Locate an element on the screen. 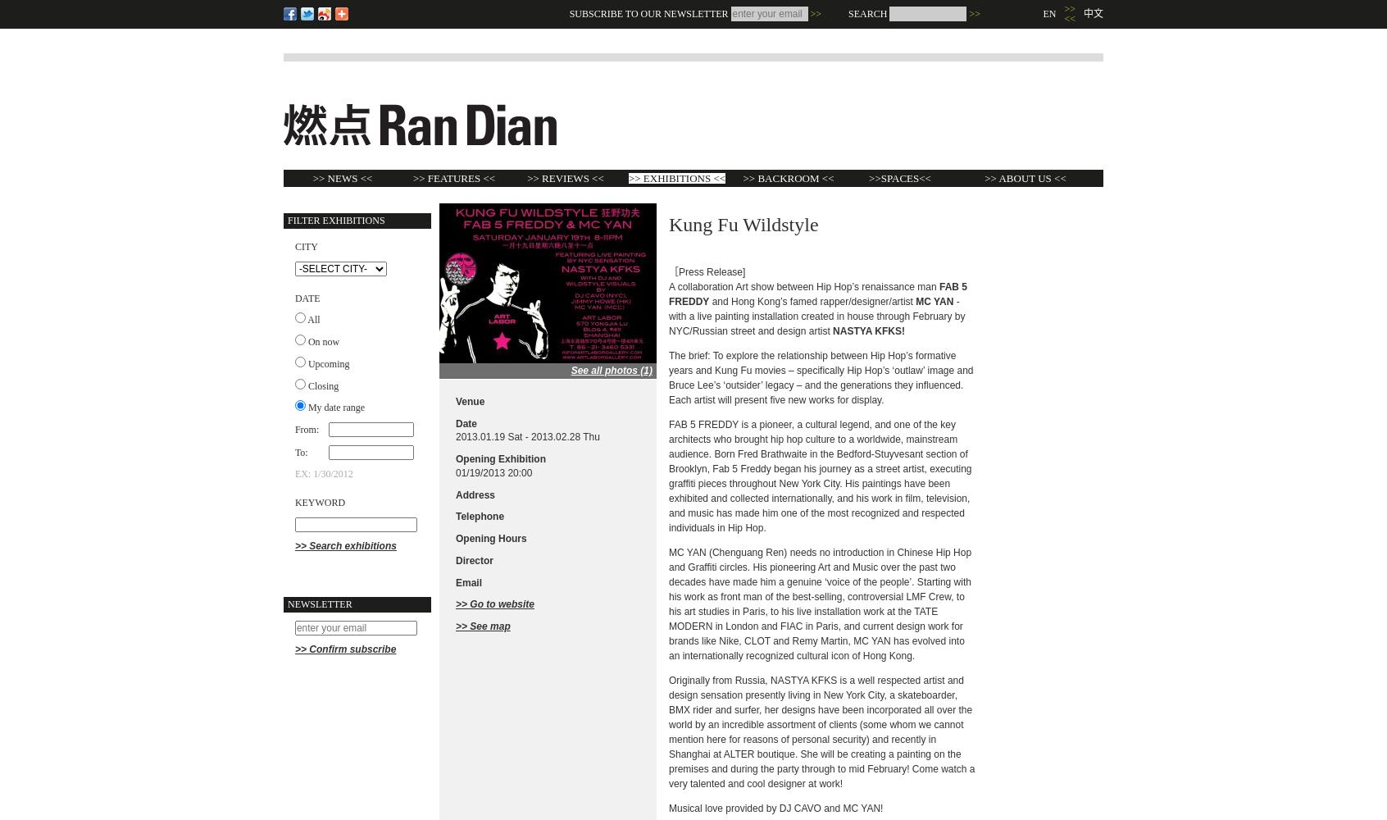  'Upcoming' is located at coordinates (328, 362).